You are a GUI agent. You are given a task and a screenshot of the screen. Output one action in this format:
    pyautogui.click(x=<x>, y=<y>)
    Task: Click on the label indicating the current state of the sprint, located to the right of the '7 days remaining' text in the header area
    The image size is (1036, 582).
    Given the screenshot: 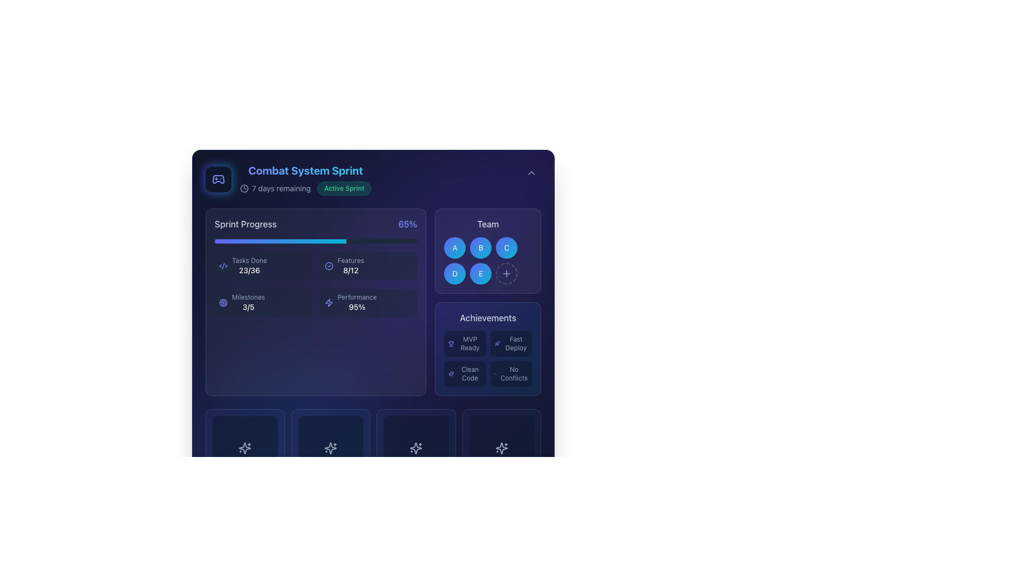 What is the action you would take?
    pyautogui.click(x=344, y=188)
    